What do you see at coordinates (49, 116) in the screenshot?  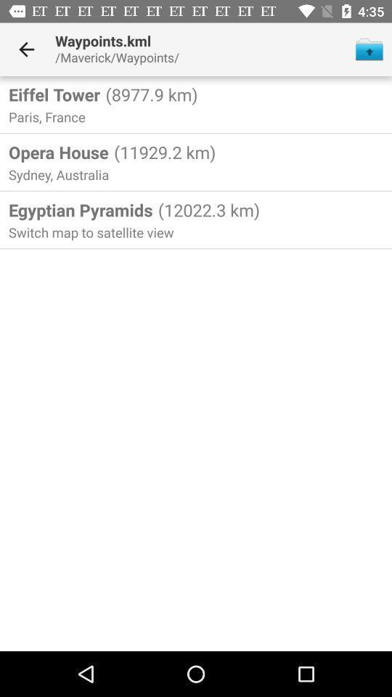 I see `paris, france  icon` at bounding box center [49, 116].